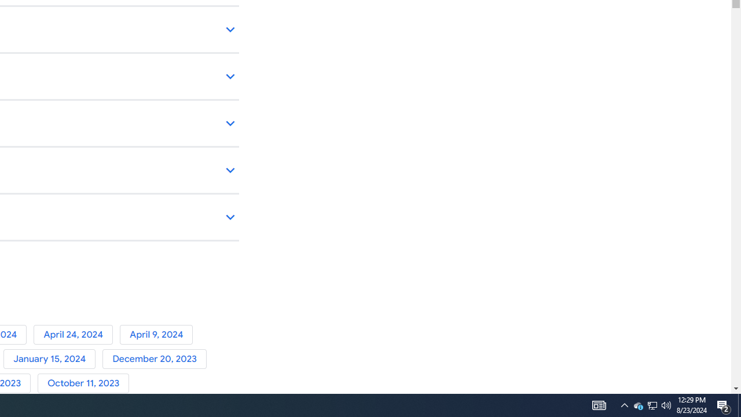 Image resolution: width=741 pixels, height=417 pixels. Describe the element at coordinates (52, 359) in the screenshot. I see `'January 15, 2024'` at that location.